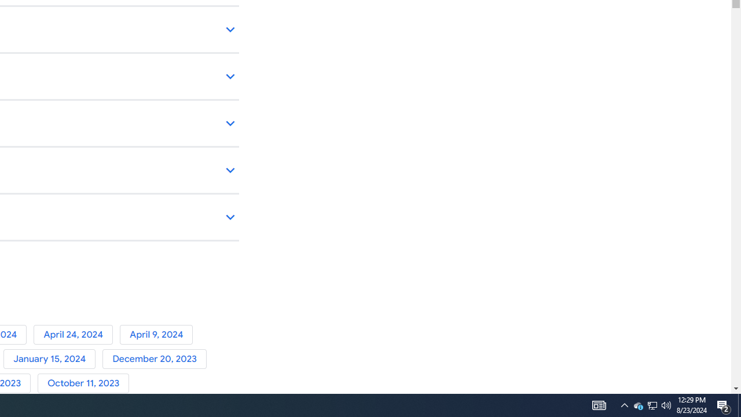 Image resolution: width=741 pixels, height=417 pixels. Describe the element at coordinates (52, 359) in the screenshot. I see `'January 15, 2024'` at that location.